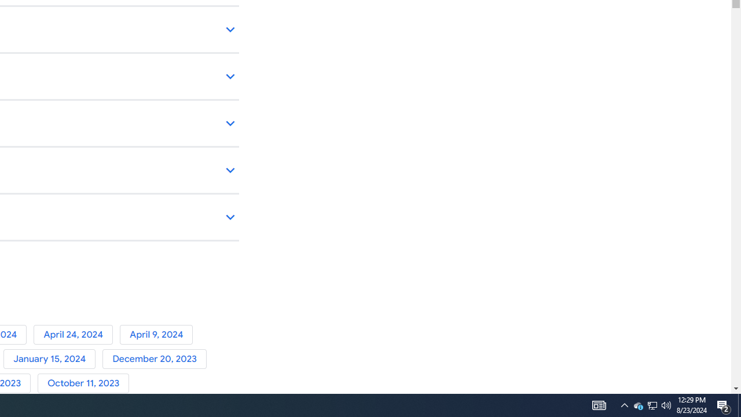 Image resolution: width=741 pixels, height=417 pixels. Describe the element at coordinates (52, 359) in the screenshot. I see `'January 15, 2024'` at that location.